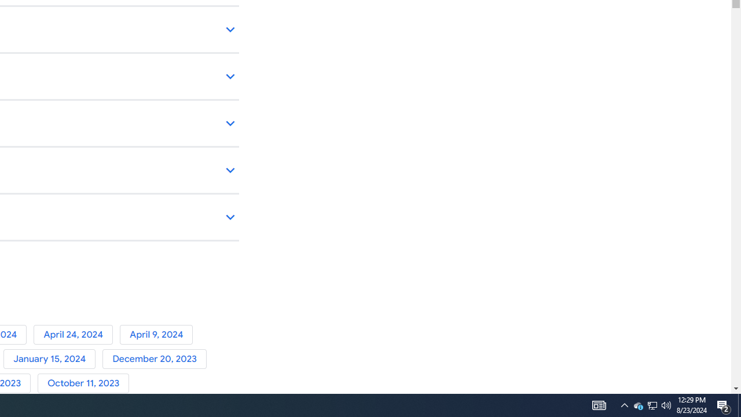 Image resolution: width=741 pixels, height=417 pixels. Describe the element at coordinates (52, 359) in the screenshot. I see `'January 15, 2024'` at that location.